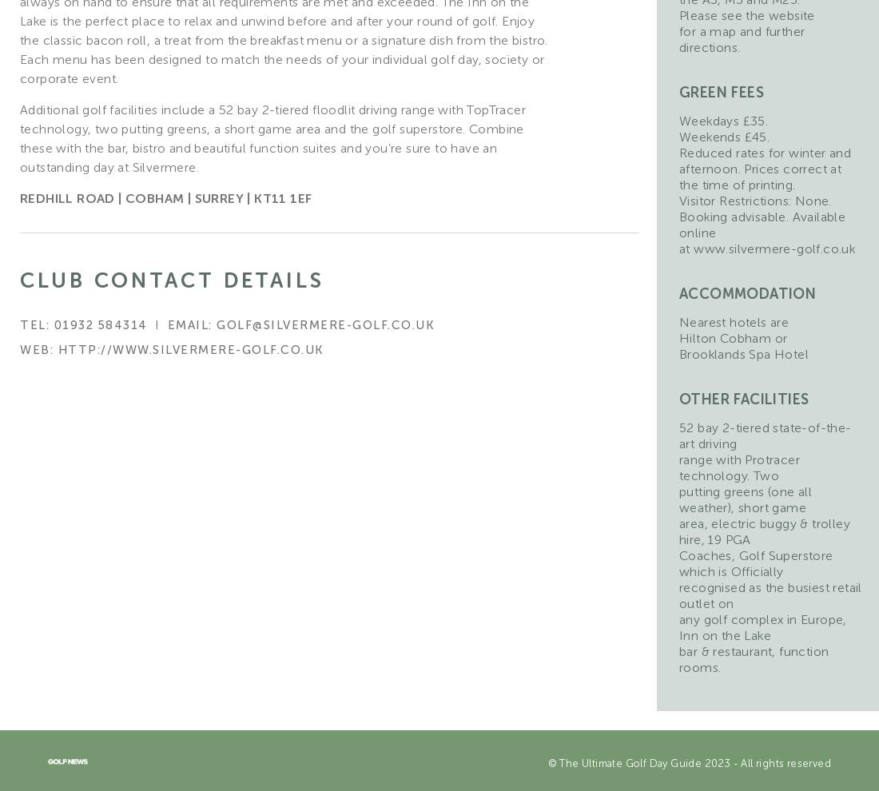 This screenshot has height=791, width=879. Describe the element at coordinates (678, 435) in the screenshot. I see `'52 bay 2-tiered state-of-the-art driving'` at that location.